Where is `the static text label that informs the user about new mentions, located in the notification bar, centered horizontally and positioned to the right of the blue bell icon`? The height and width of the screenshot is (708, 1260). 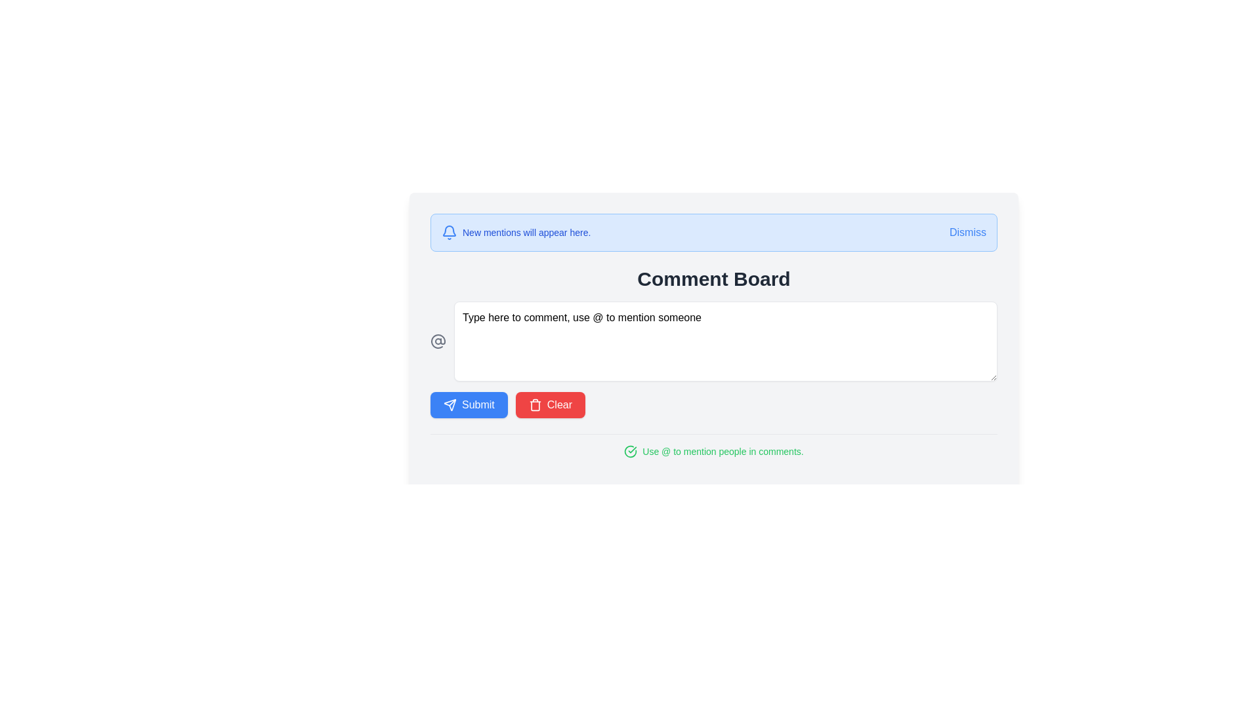 the static text label that informs the user about new mentions, located in the notification bar, centered horizontally and positioned to the right of the blue bell icon is located at coordinates (526, 231).